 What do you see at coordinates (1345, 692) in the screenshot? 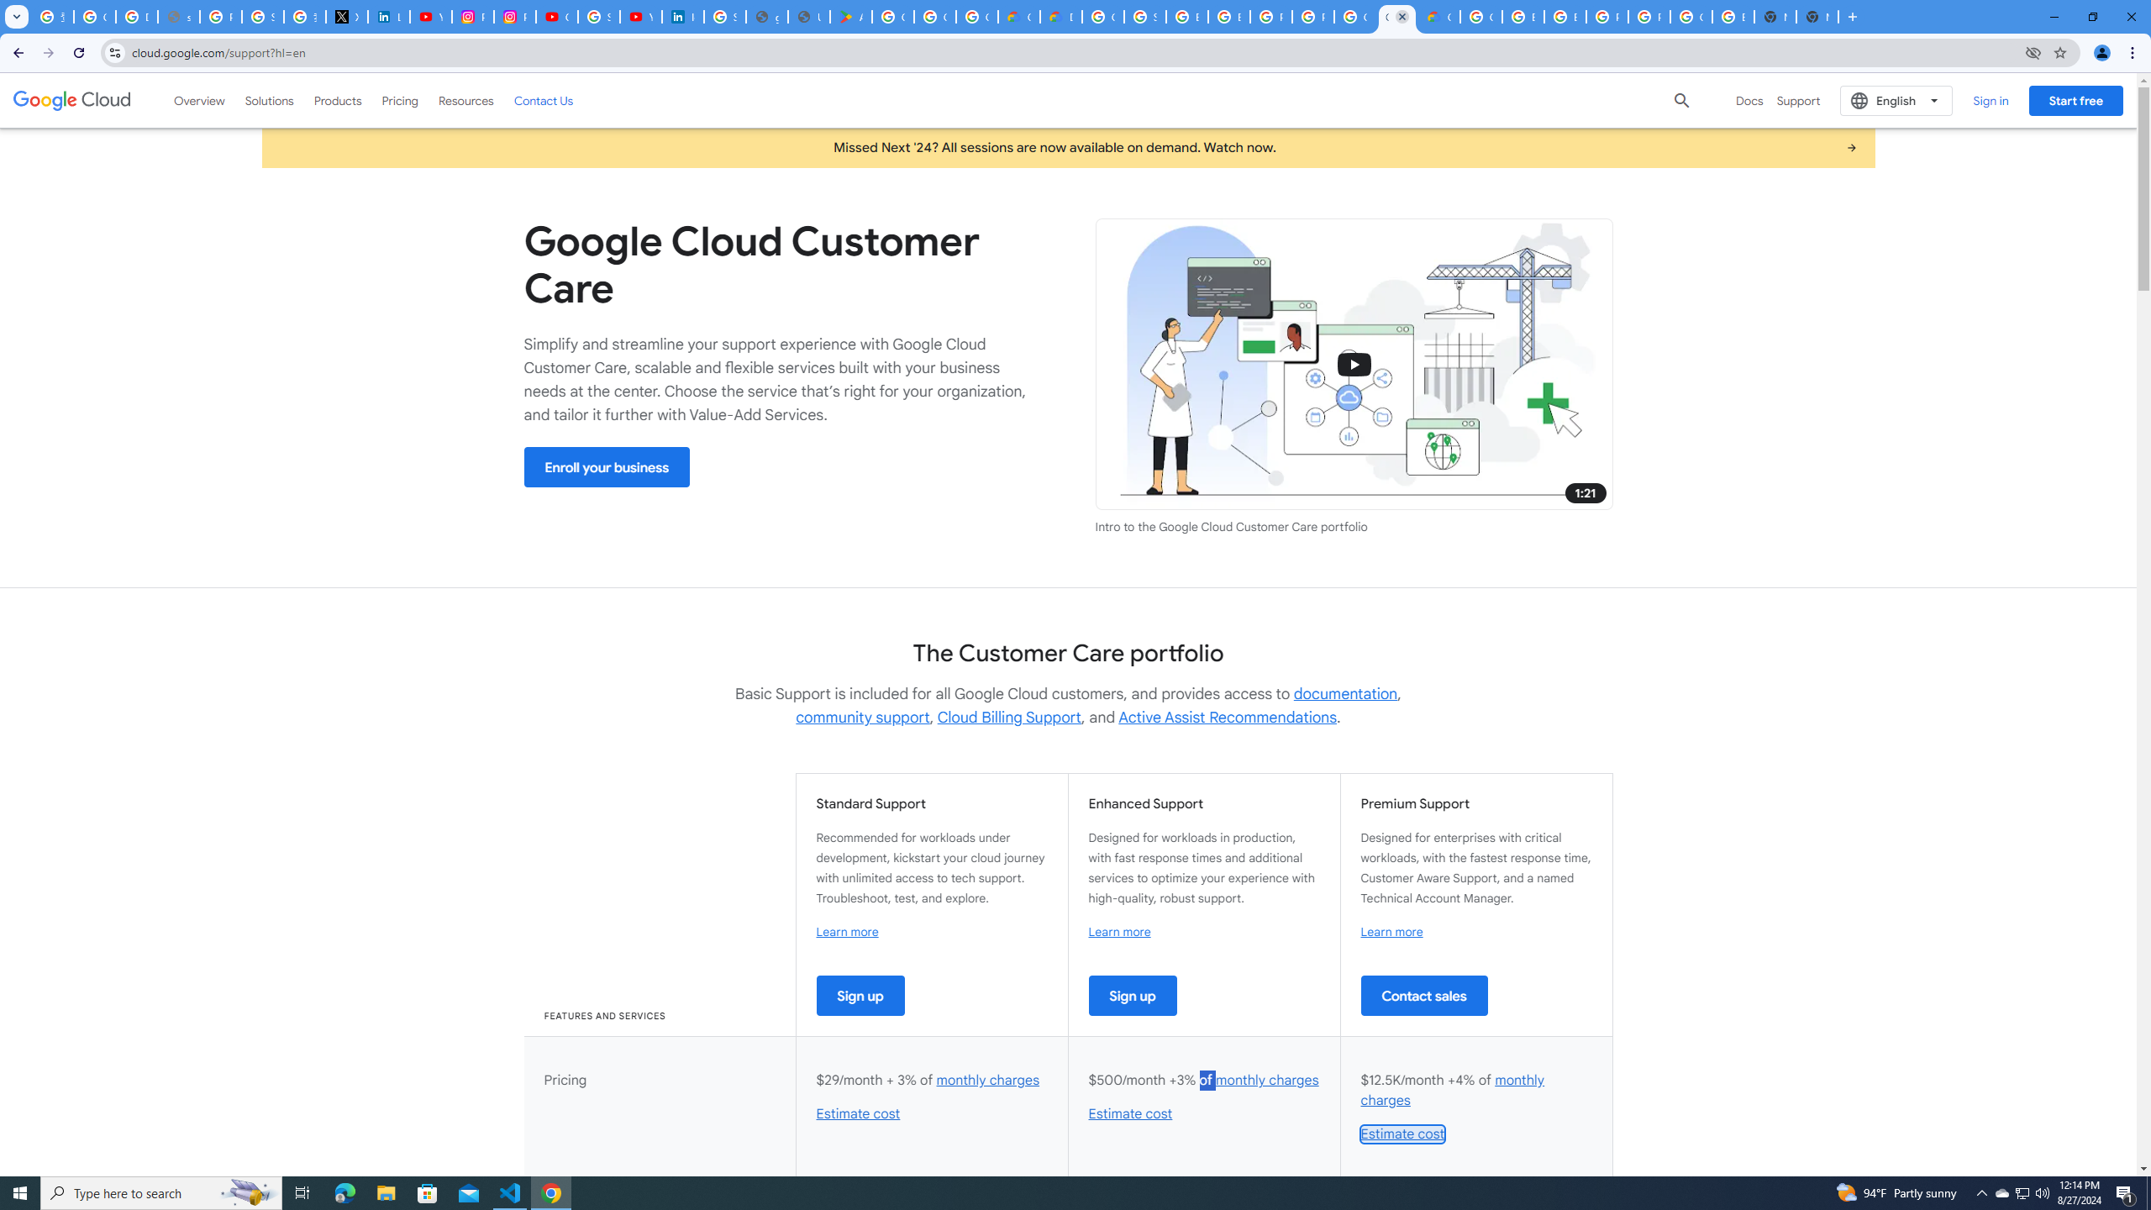
I see `'documentation'` at bounding box center [1345, 692].